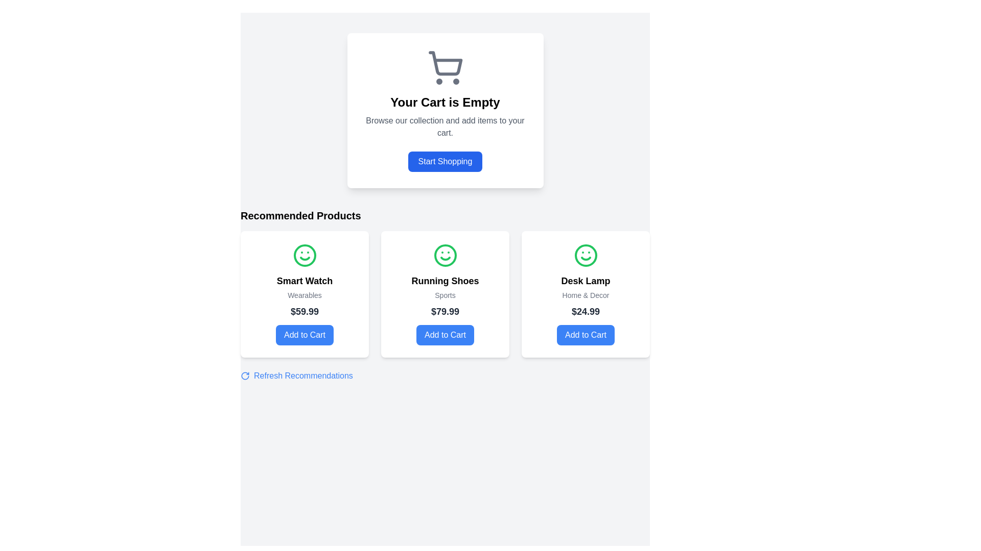 This screenshot has height=551, width=981. Describe the element at coordinates (245, 375) in the screenshot. I see `the refresh icon located at the leftmost side within the 'Refresh Recommendations' clickable region, which is meant for reloading content or fetching new data` at that location.